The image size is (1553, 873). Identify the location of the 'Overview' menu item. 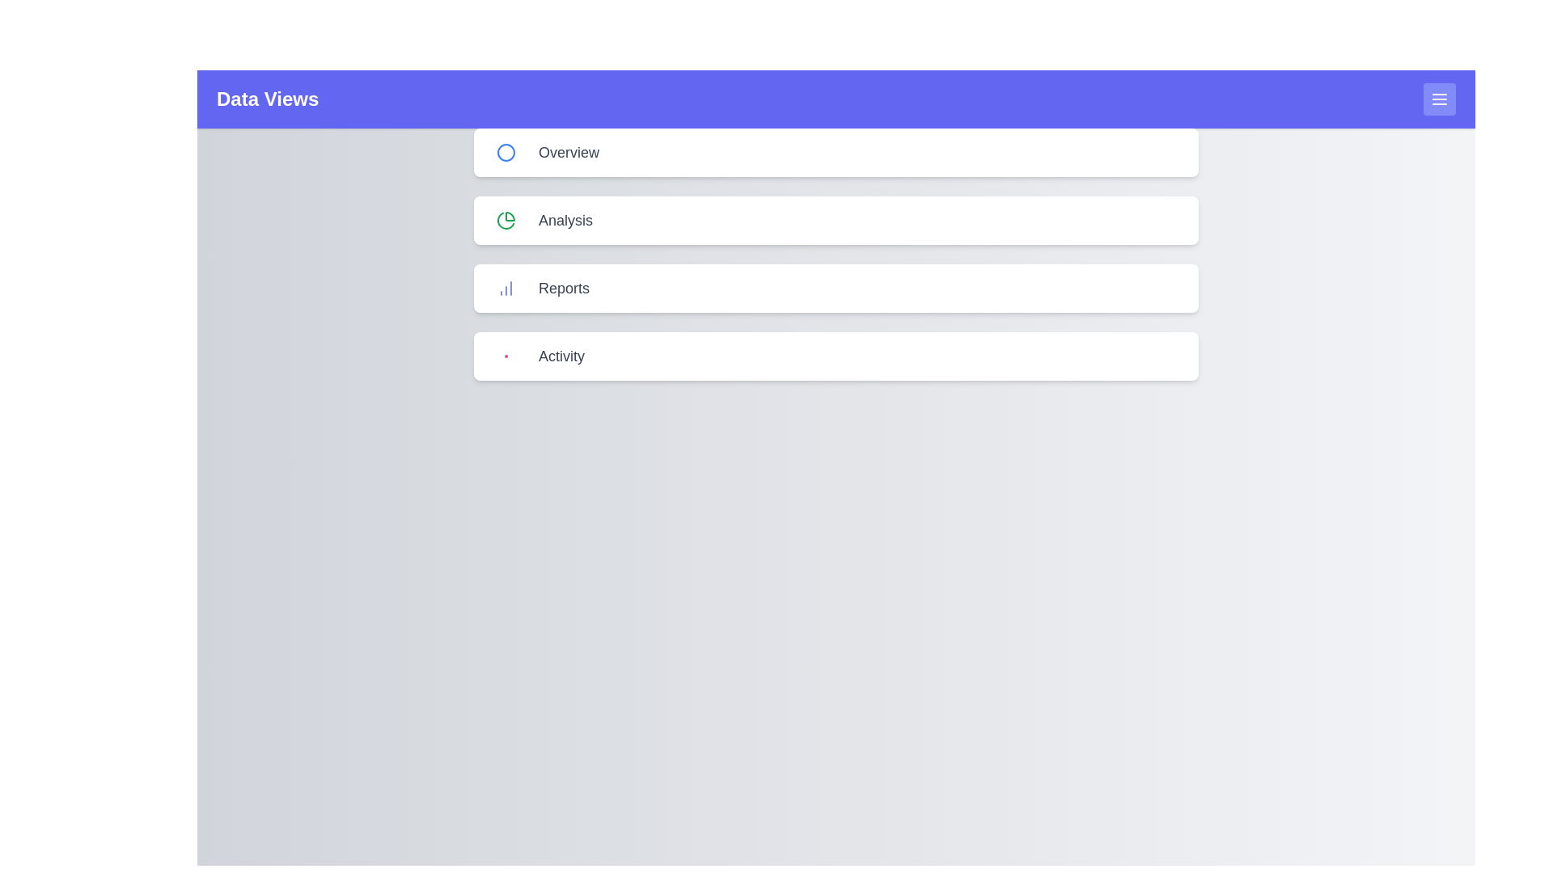
(836, 153).